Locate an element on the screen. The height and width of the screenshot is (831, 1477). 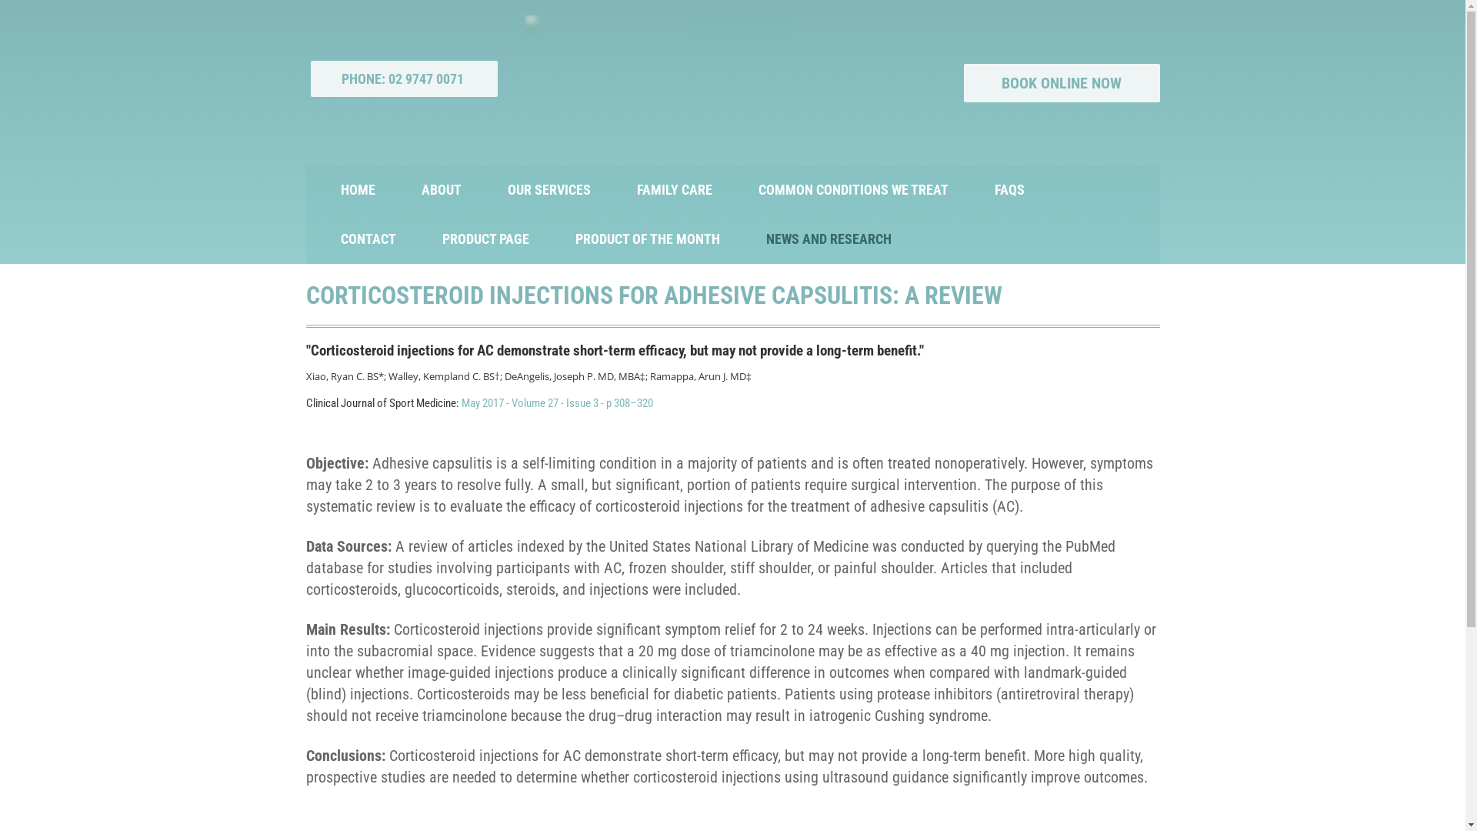
'ABOUT' is located at coordinates (441, 189).